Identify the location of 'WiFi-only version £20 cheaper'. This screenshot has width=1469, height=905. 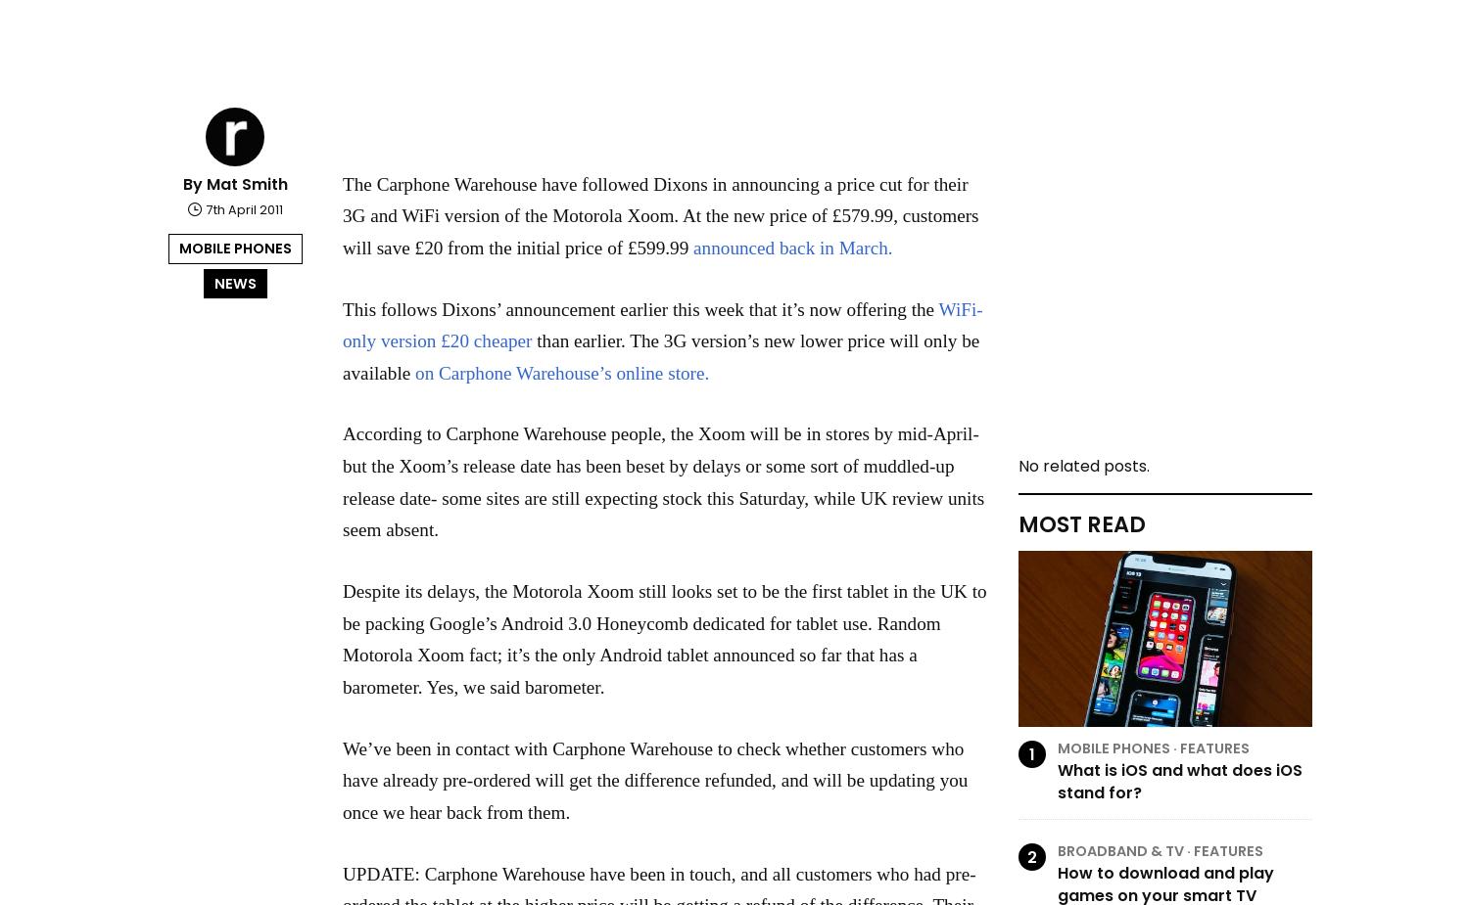
(662, 323).